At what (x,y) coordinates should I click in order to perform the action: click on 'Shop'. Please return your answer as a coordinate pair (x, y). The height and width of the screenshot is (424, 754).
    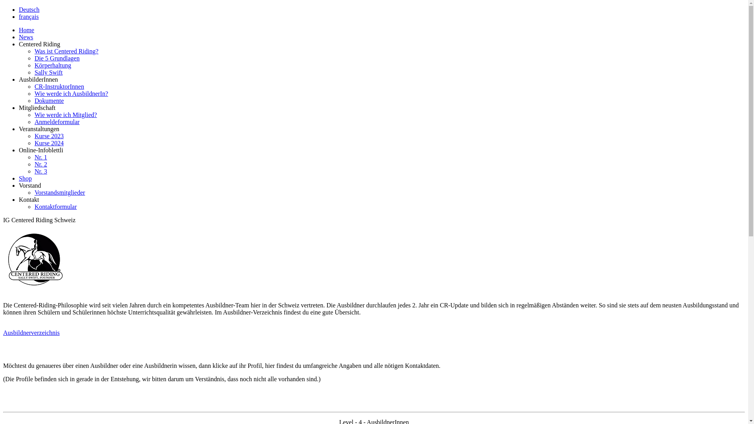
    Looking at the image, I should click on (25, 178).